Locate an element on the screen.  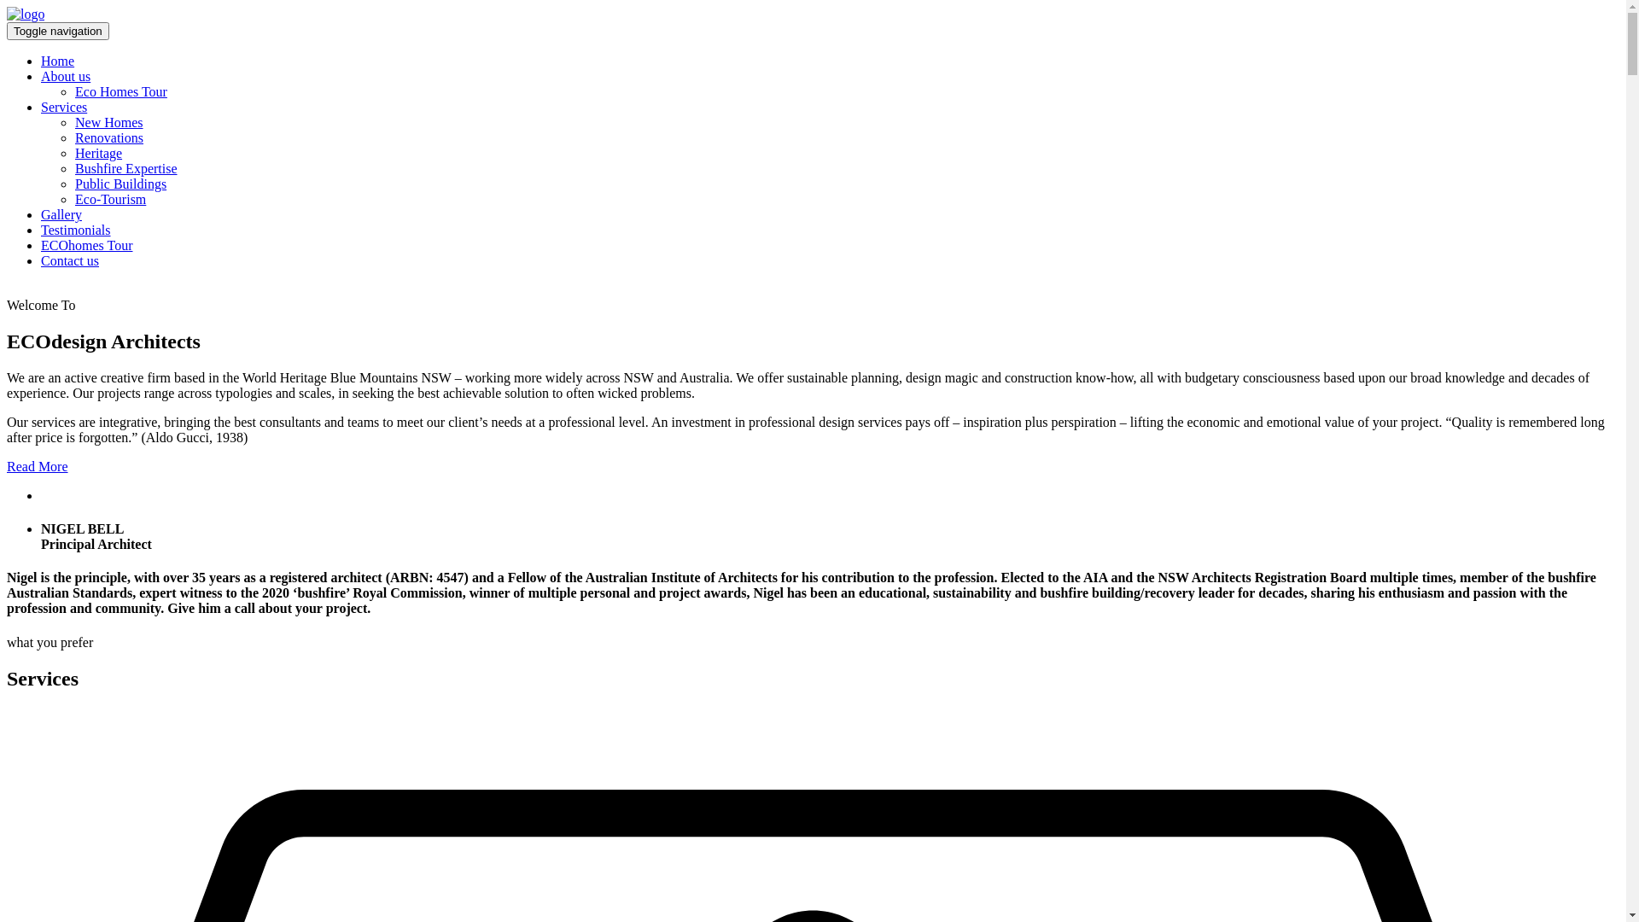
'Eco Homes Tour' is located at coordinates (120, 91).